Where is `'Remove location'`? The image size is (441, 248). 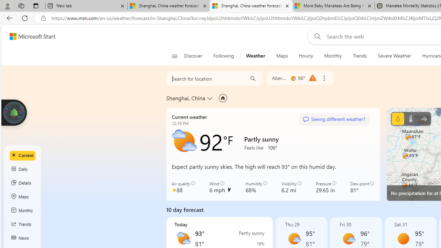 'Remove location' is located at coordinates (324, 78).